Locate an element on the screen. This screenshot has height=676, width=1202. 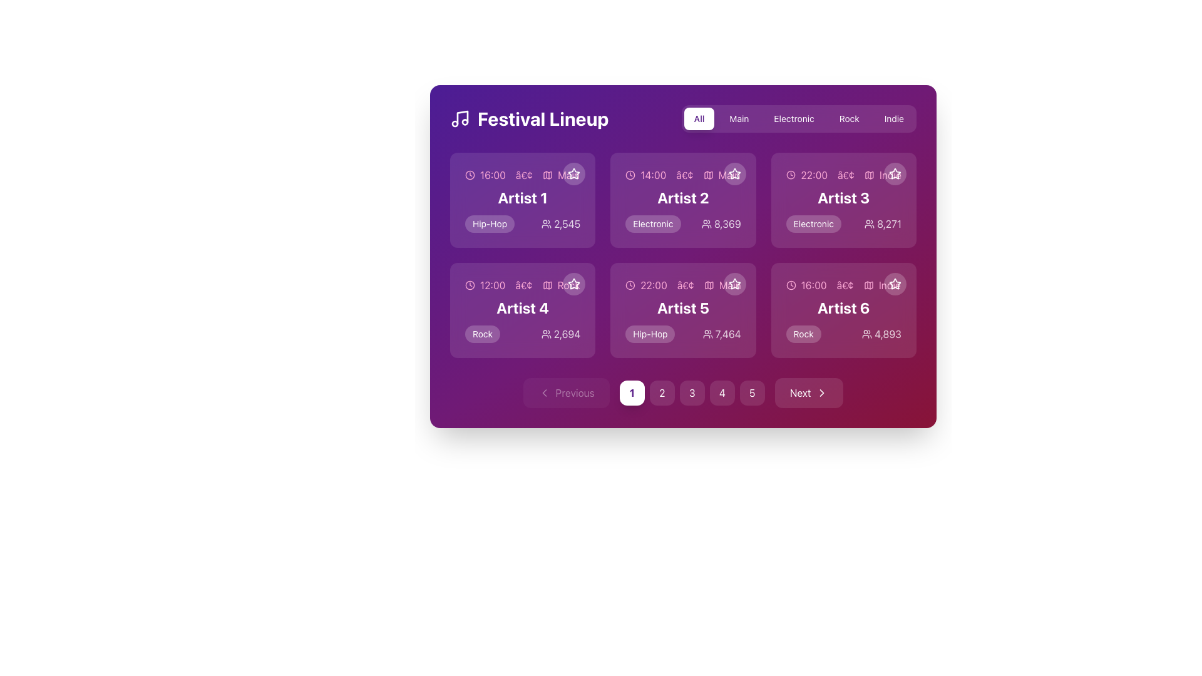
the clock icon outlined in purple is located at coordinates (790, 175).